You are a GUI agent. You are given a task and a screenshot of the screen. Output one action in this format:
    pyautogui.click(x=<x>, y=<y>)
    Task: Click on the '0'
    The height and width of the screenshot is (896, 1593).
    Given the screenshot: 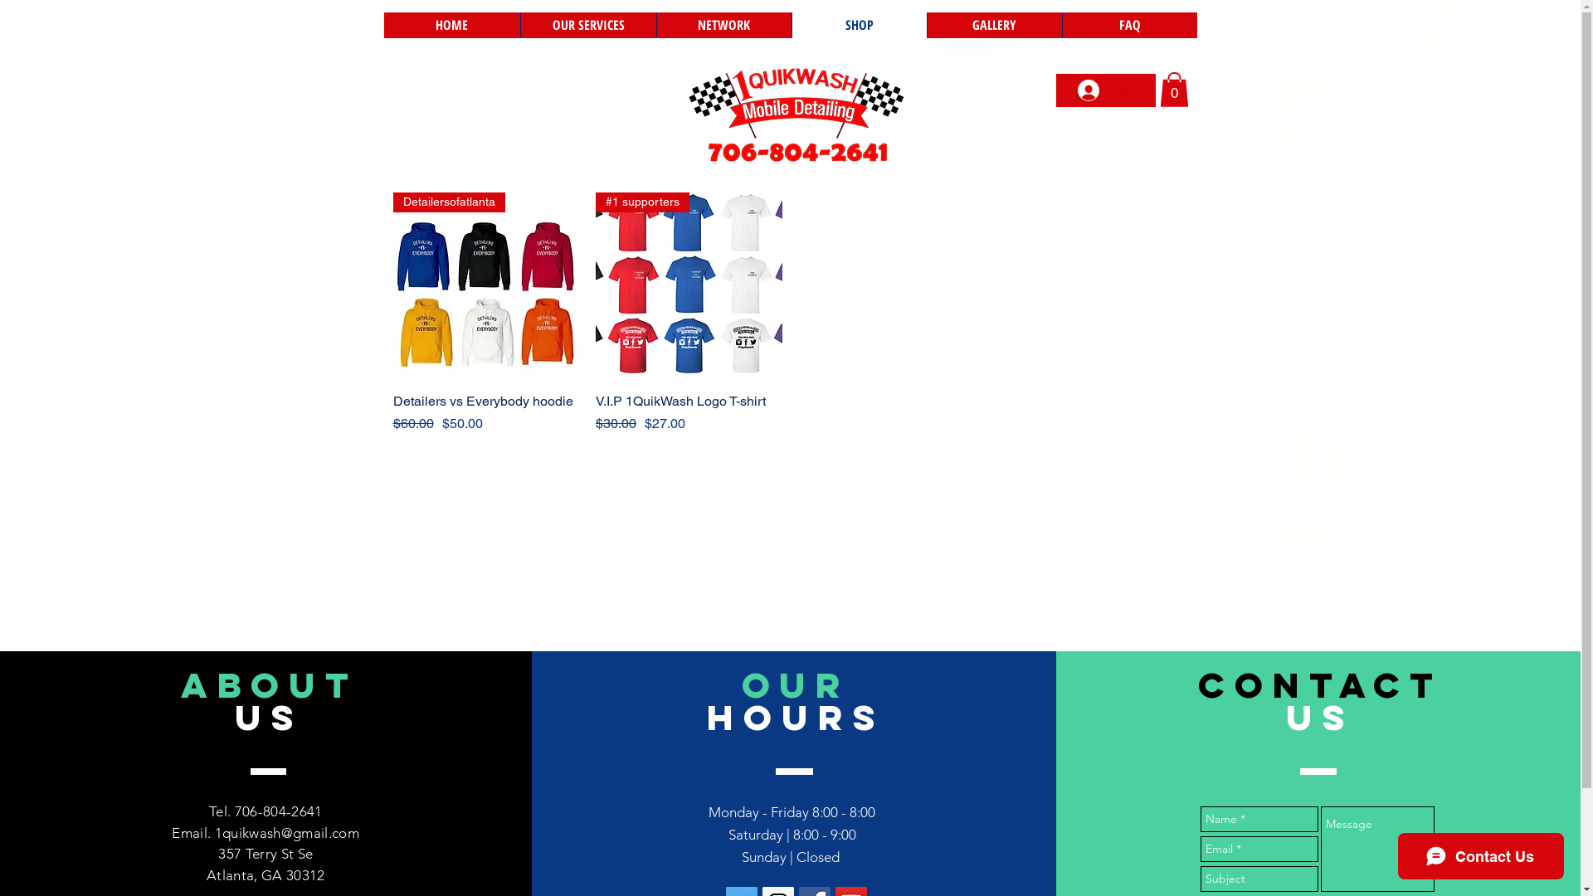 What is the action you would take?
    pyautogui.click(x=1173, y=90)
    